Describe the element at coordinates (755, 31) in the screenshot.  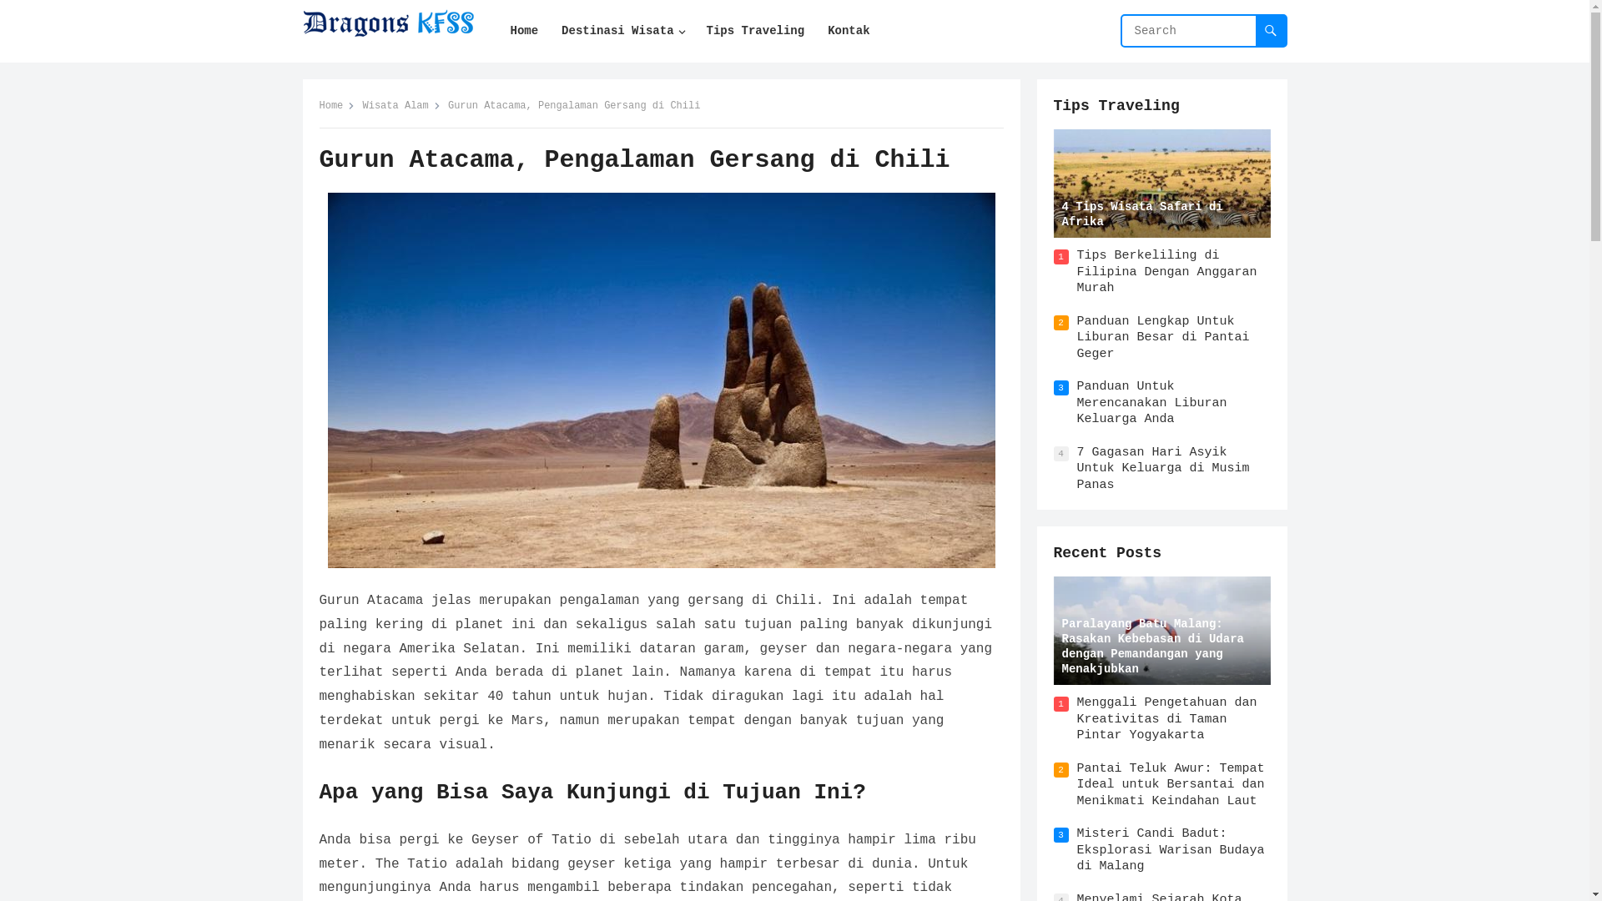
I see `'Tips Traveling'` at that location.